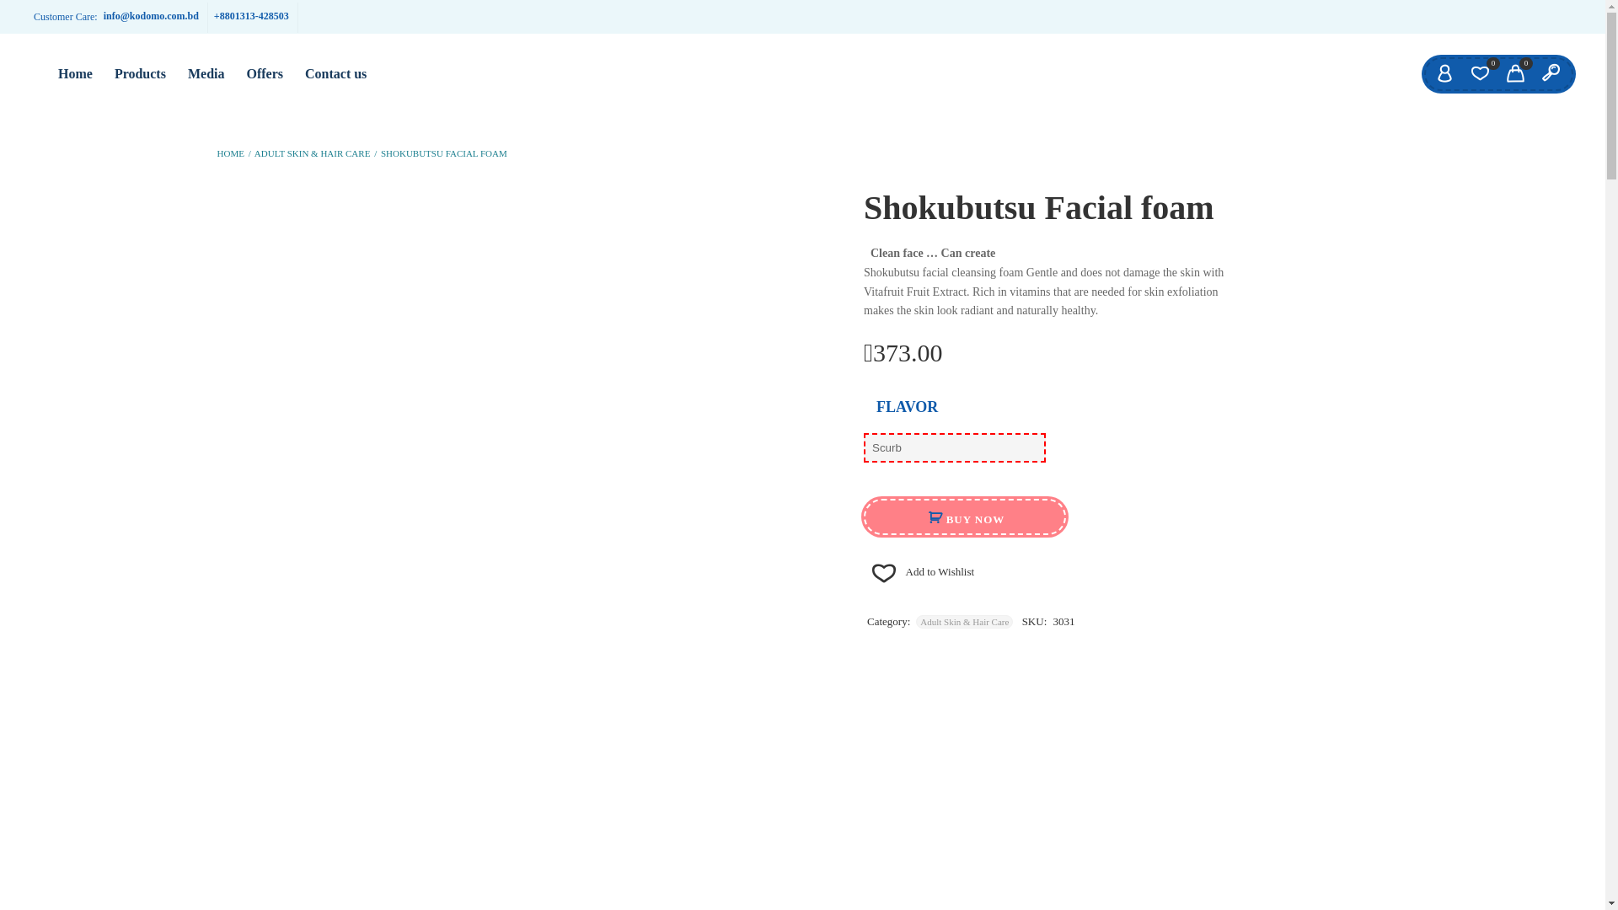 The height and width of the screenshot is (910, 1618). Describe the element at coordinates (1515, 73) in the screenshot. I see `'0'` at that location.